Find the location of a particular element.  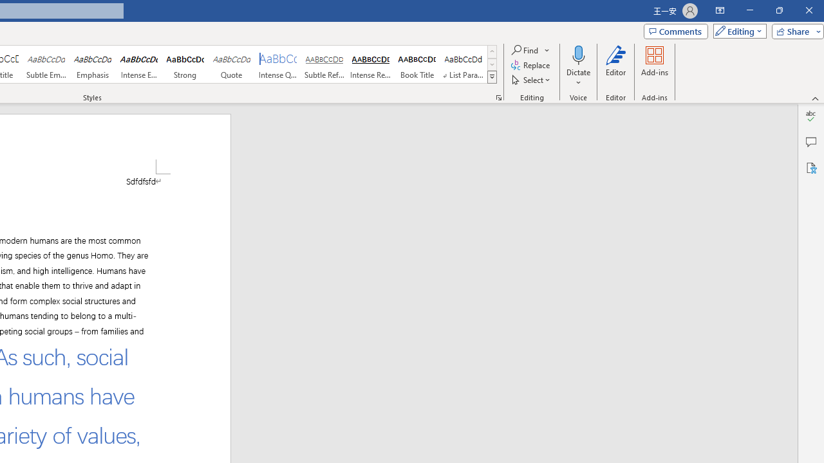

'Strong' is located at coordinates (185, 64).